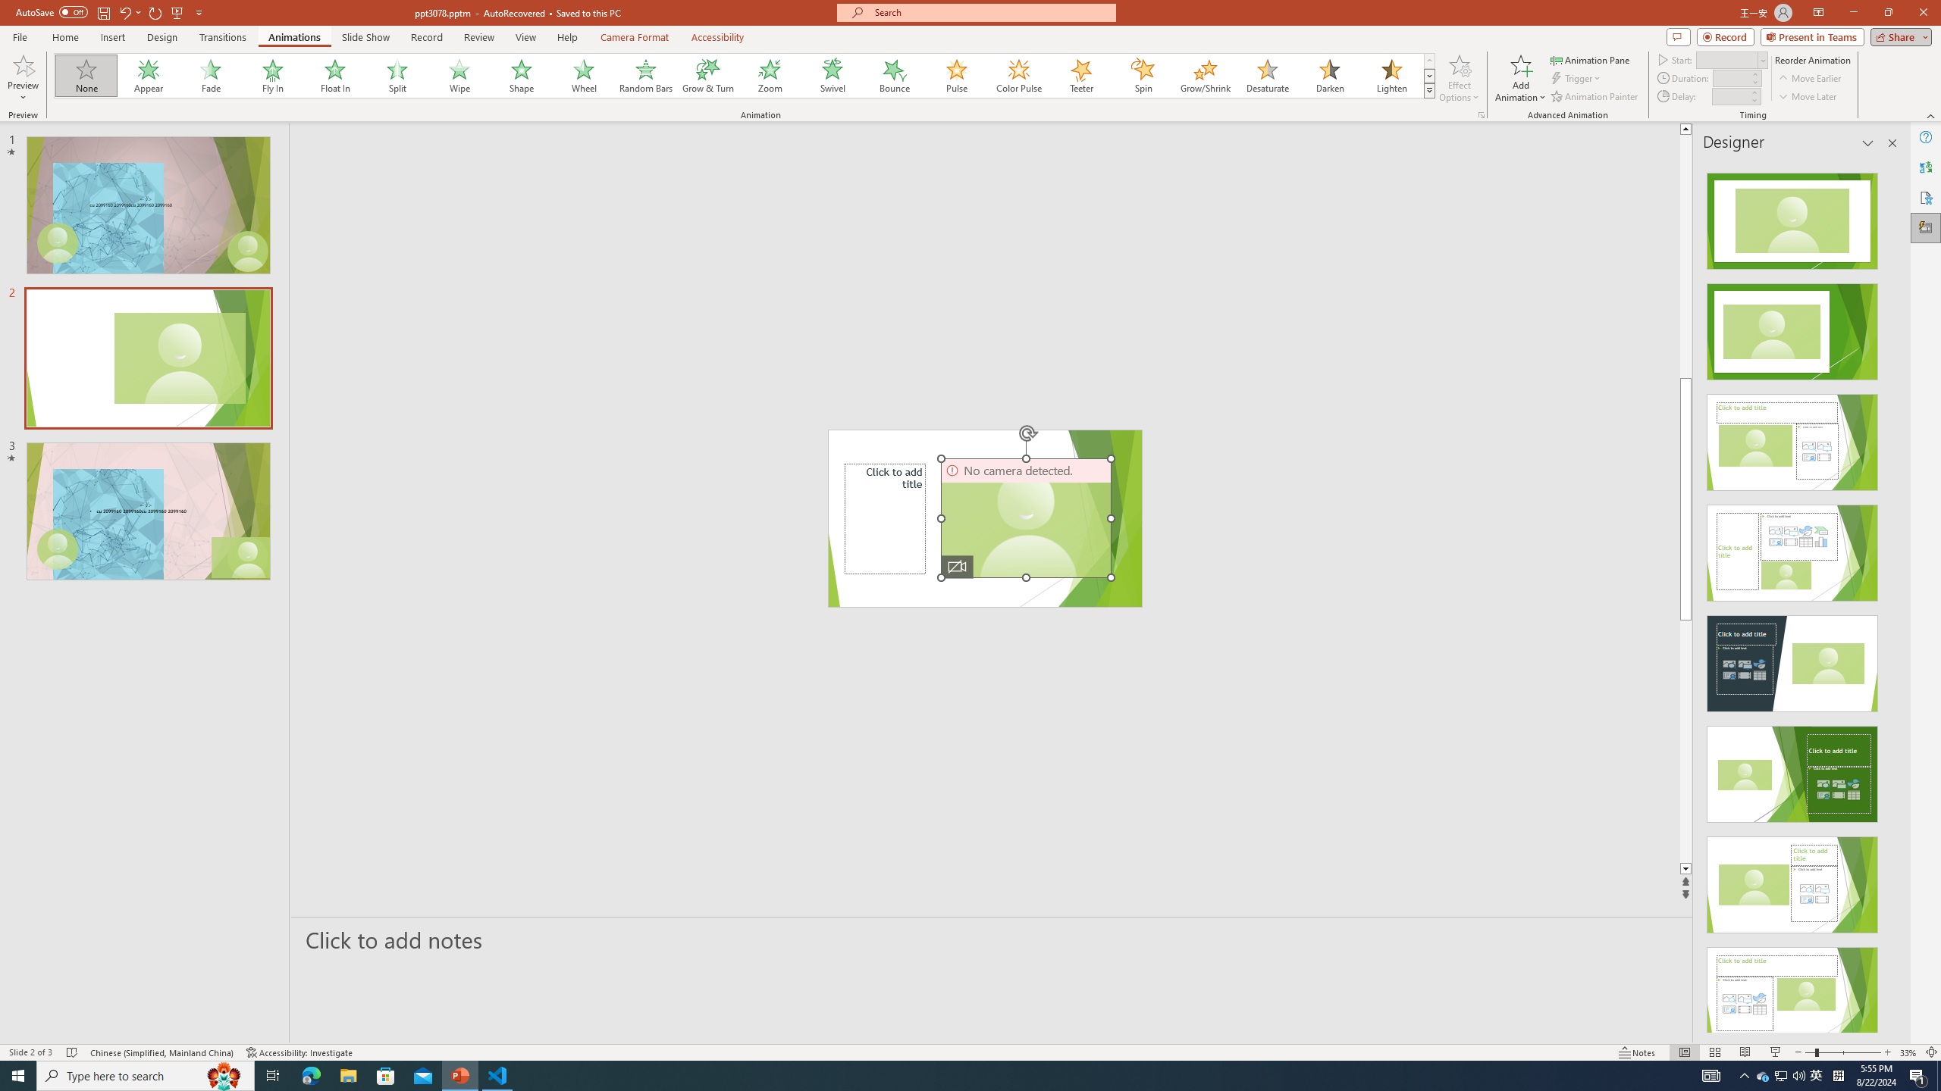 This screenshot has width=1941, height=1091. Describe the element at coordinates (1328, 75) in the screenshot. I see `'Darken'` at that location.